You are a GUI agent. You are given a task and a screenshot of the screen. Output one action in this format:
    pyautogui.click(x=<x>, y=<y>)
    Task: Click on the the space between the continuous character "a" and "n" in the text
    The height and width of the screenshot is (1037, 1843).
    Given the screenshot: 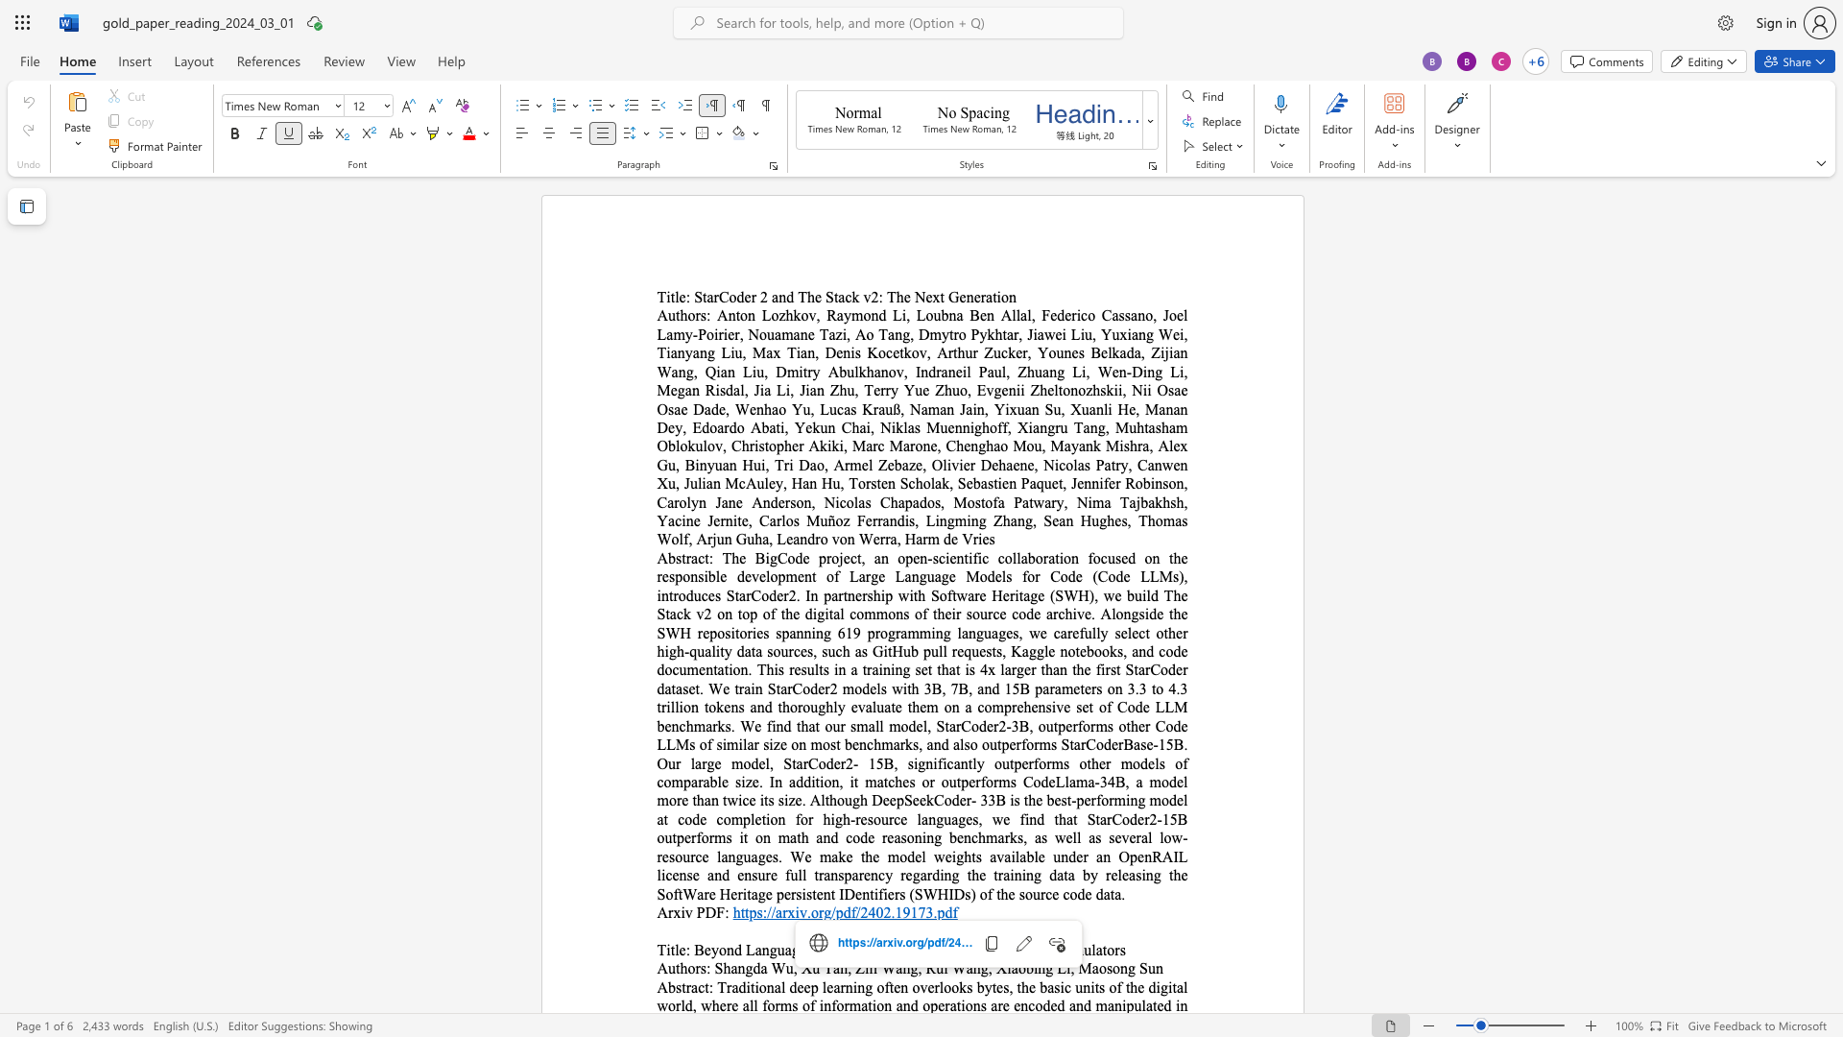 What is the action you would take?
    pyautogui.click(x=901, y=968)
    